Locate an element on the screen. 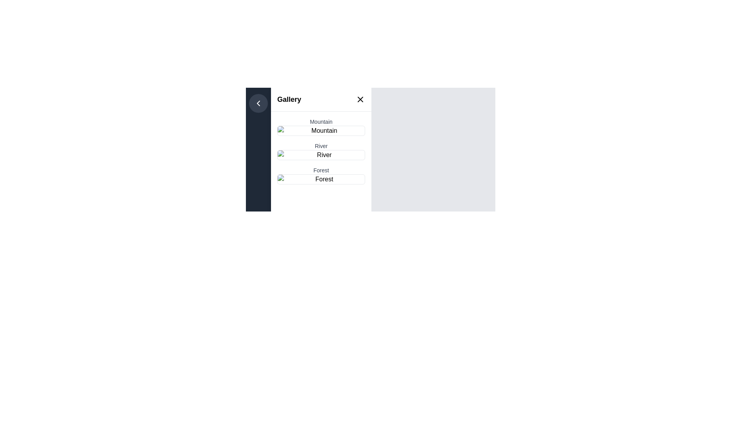  the text label serving as the title or heading for the 'Gallery' section, located at the top-center of the interface is located at coordinates (289, 99).